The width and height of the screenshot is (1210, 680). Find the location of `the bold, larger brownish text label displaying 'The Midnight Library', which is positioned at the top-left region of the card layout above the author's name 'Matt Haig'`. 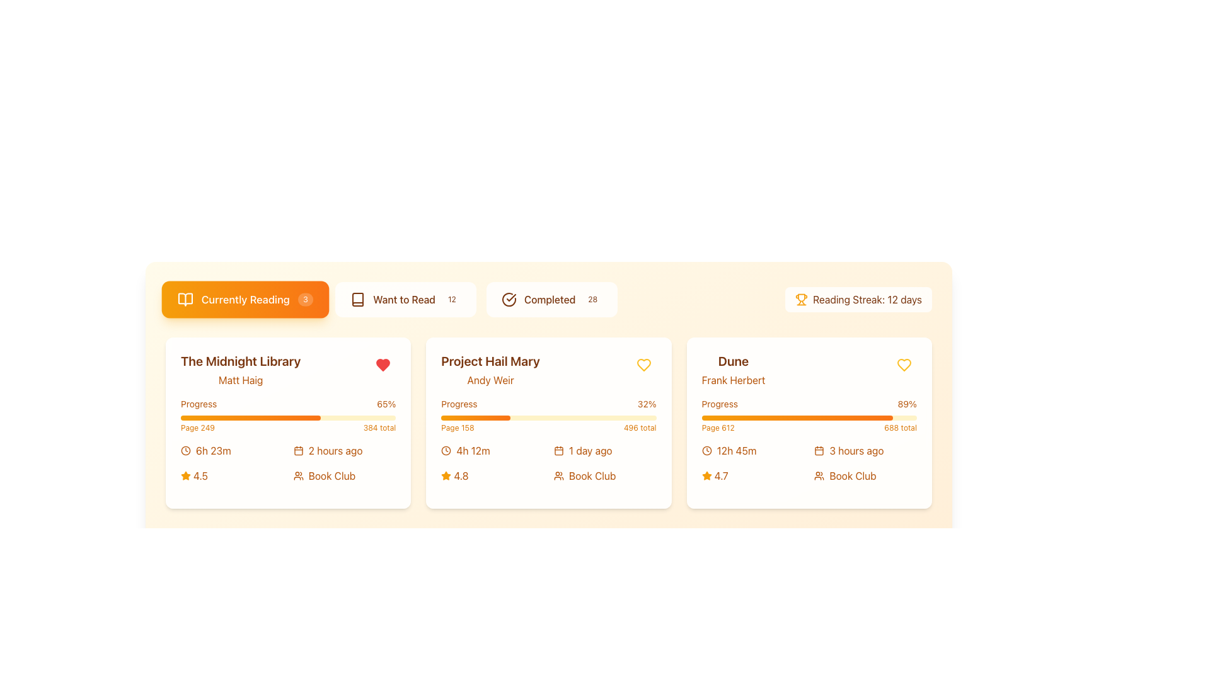

the bold, larger brownish text label displaying 'The Midnight Library', which is positioned at the top-left region of the card layout above the author's name 'Matt Haig' is located at coordinates (241, 361).